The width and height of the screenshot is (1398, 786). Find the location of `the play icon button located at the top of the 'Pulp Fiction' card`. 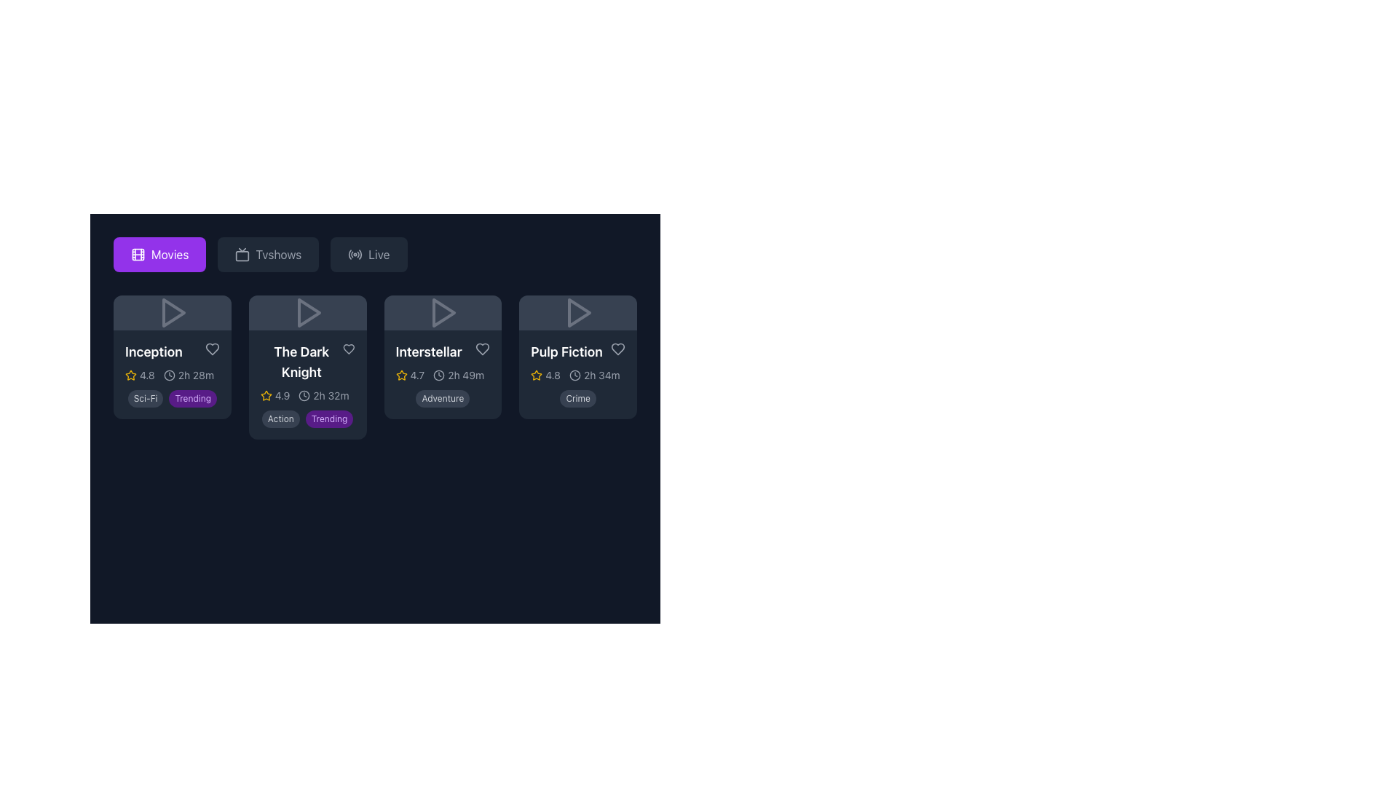

the play icon button located at the top of the 'Pulp Fiction' card is located at coordinates (577, 311).